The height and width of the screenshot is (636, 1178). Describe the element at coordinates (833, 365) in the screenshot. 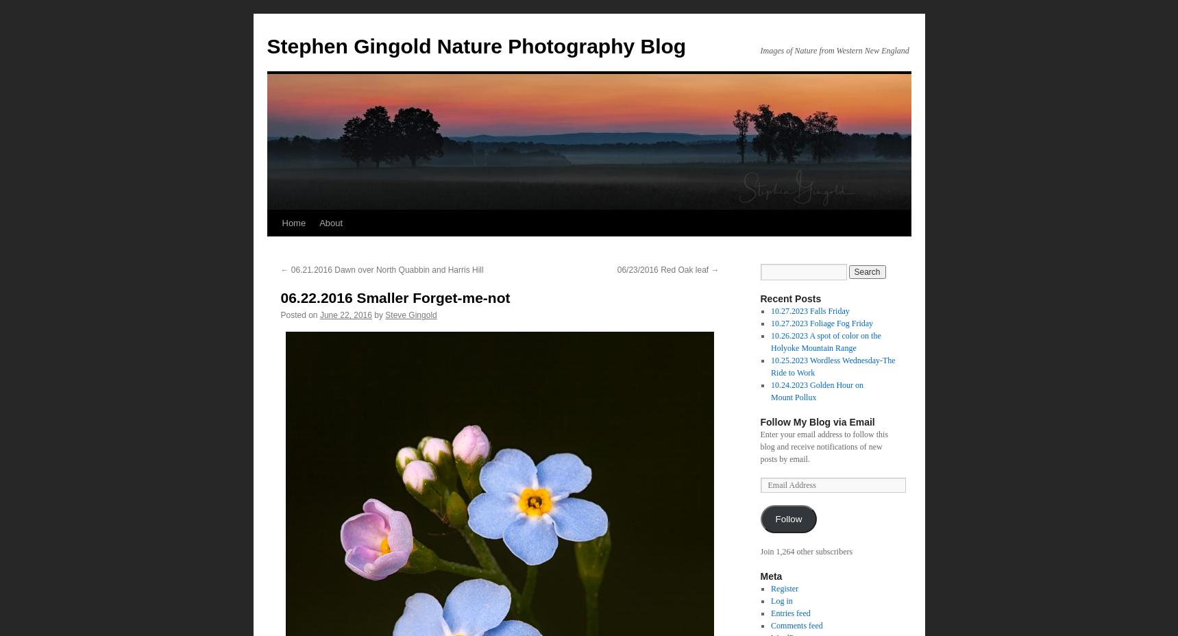

I see `'10.25.2023 Wordless Wednesday-The Ride to Work'` at that location.